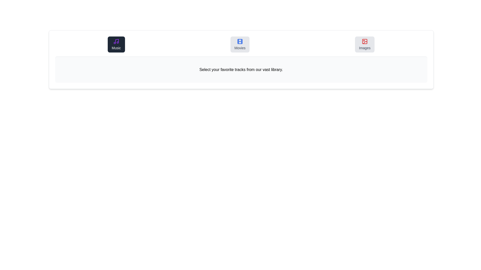 Image resolution: width=481 pixels, height=270 pixels. What do you see at coordinates (365, 44) in the screenshot?
I see `the Images tab to switch to the corresponding category` at bounding box center [365, 44].